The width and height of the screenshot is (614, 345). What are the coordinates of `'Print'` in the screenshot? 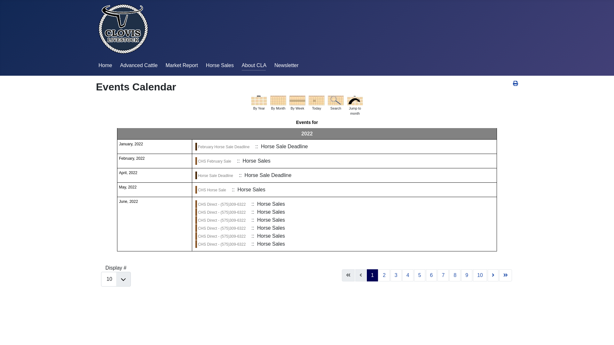 It's located at (516, 83).